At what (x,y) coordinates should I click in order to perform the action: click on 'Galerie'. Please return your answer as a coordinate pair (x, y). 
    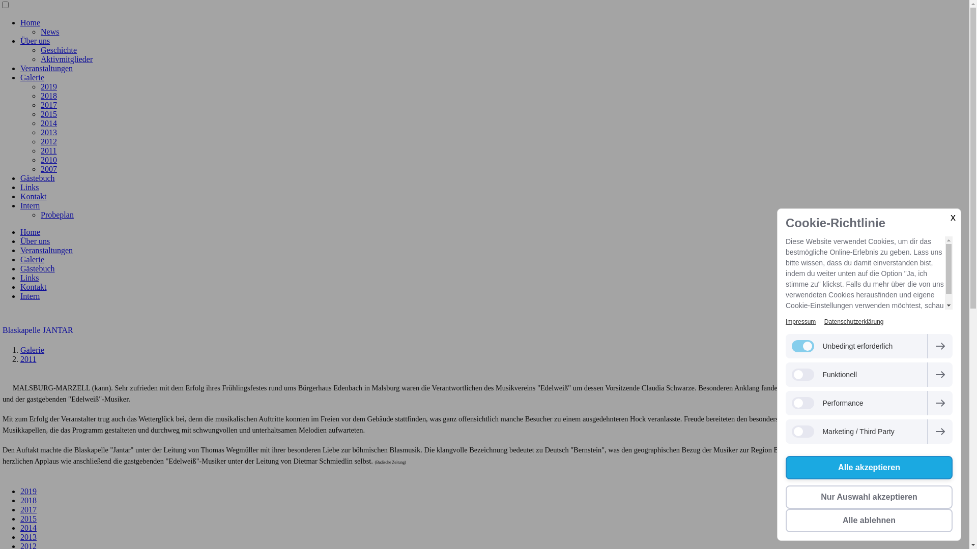
    Looking at the image, I should click on (32, 77).